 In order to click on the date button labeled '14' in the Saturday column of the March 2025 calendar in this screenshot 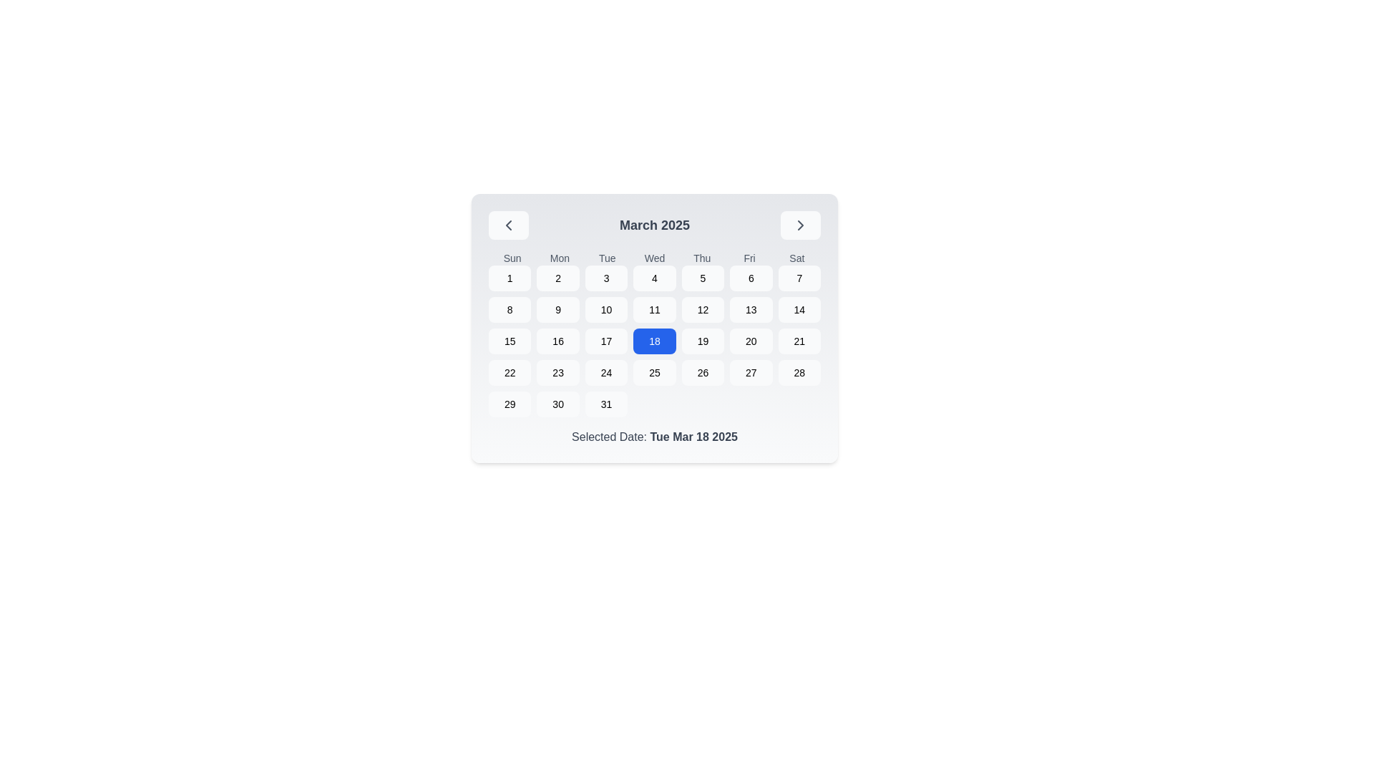, I will do `click(799, 308)`.